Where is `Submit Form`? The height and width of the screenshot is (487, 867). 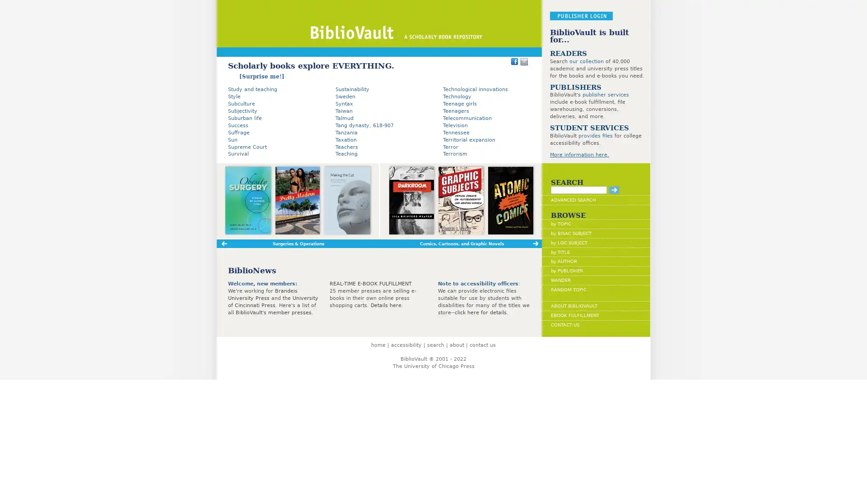
Submit Form is located at coordinates (614, 189).